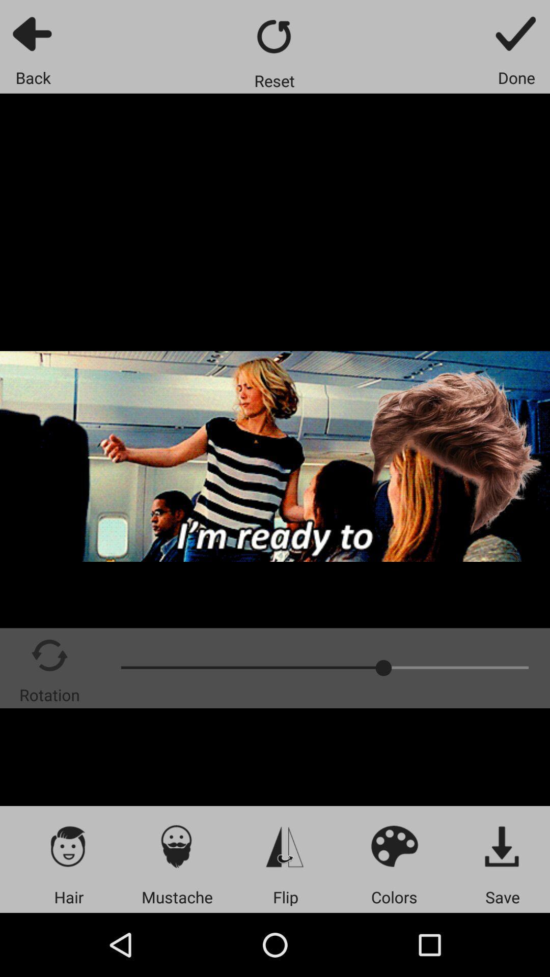 The width and height of the screenshot is (550, 977). Describe the element at coordinates (69, 846) in the screenshot. I see `the item above hair app` at that location.